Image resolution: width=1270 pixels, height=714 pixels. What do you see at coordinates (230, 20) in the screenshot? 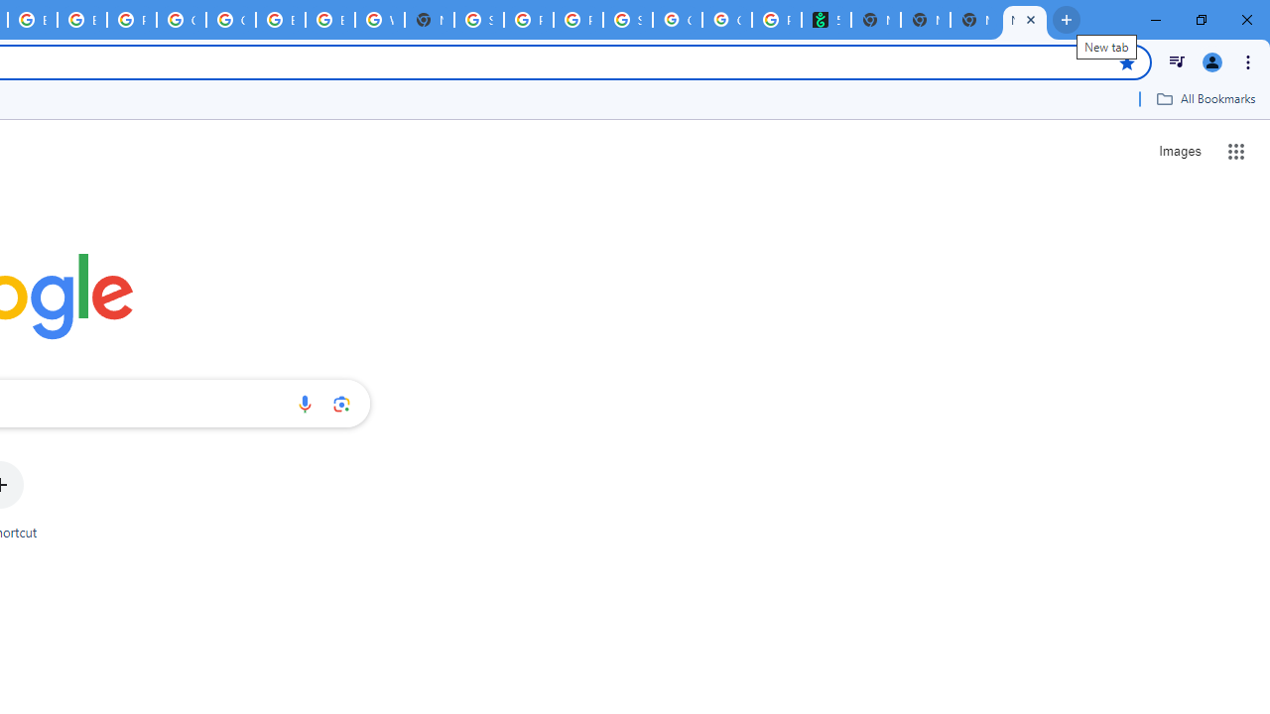
I see `'Google Cloud Platform'` at bounding box center [230, 20].